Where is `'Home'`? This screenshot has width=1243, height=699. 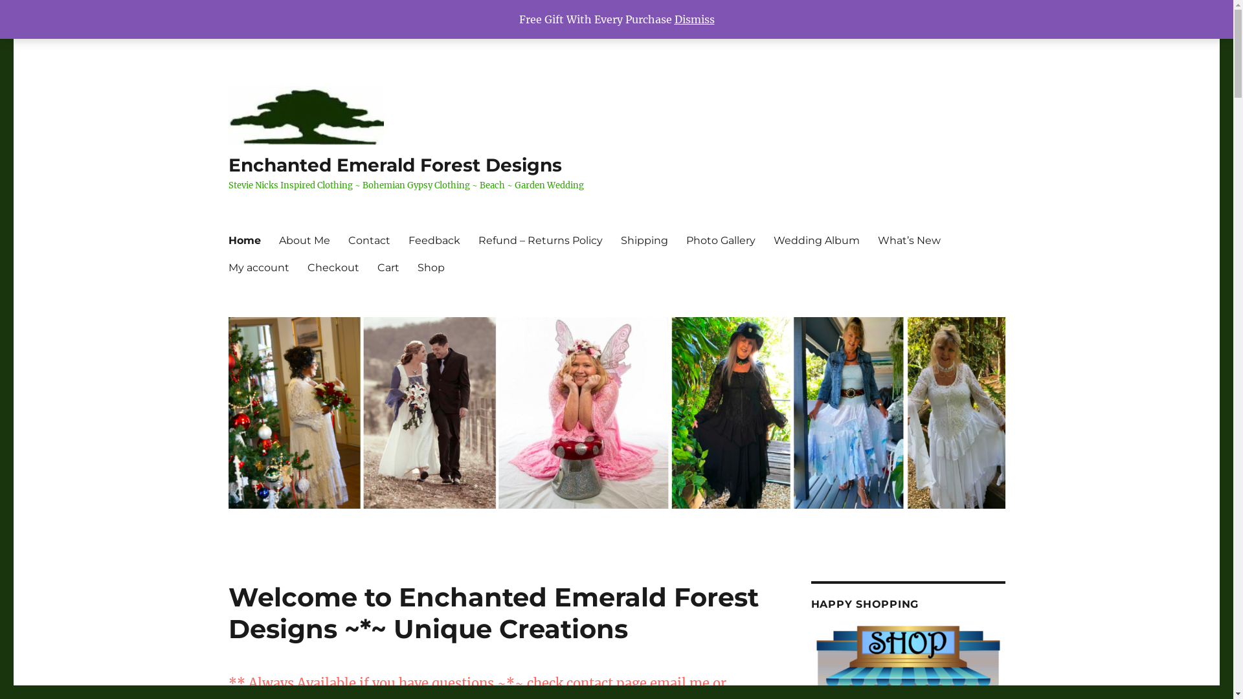
'Home' is located at coordinates (244, 239).